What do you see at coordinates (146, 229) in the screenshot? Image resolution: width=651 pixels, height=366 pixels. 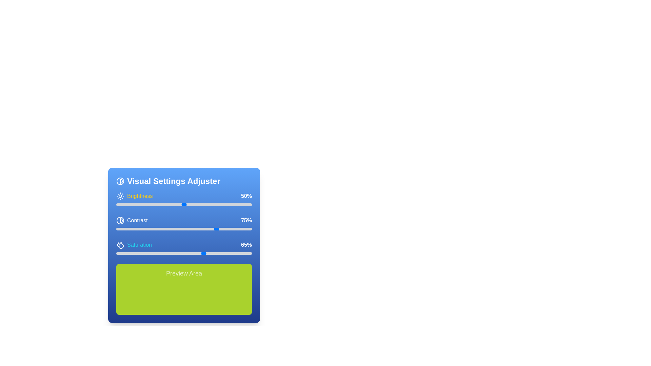 I see `the contrast value` at bounding box center [146, 229].